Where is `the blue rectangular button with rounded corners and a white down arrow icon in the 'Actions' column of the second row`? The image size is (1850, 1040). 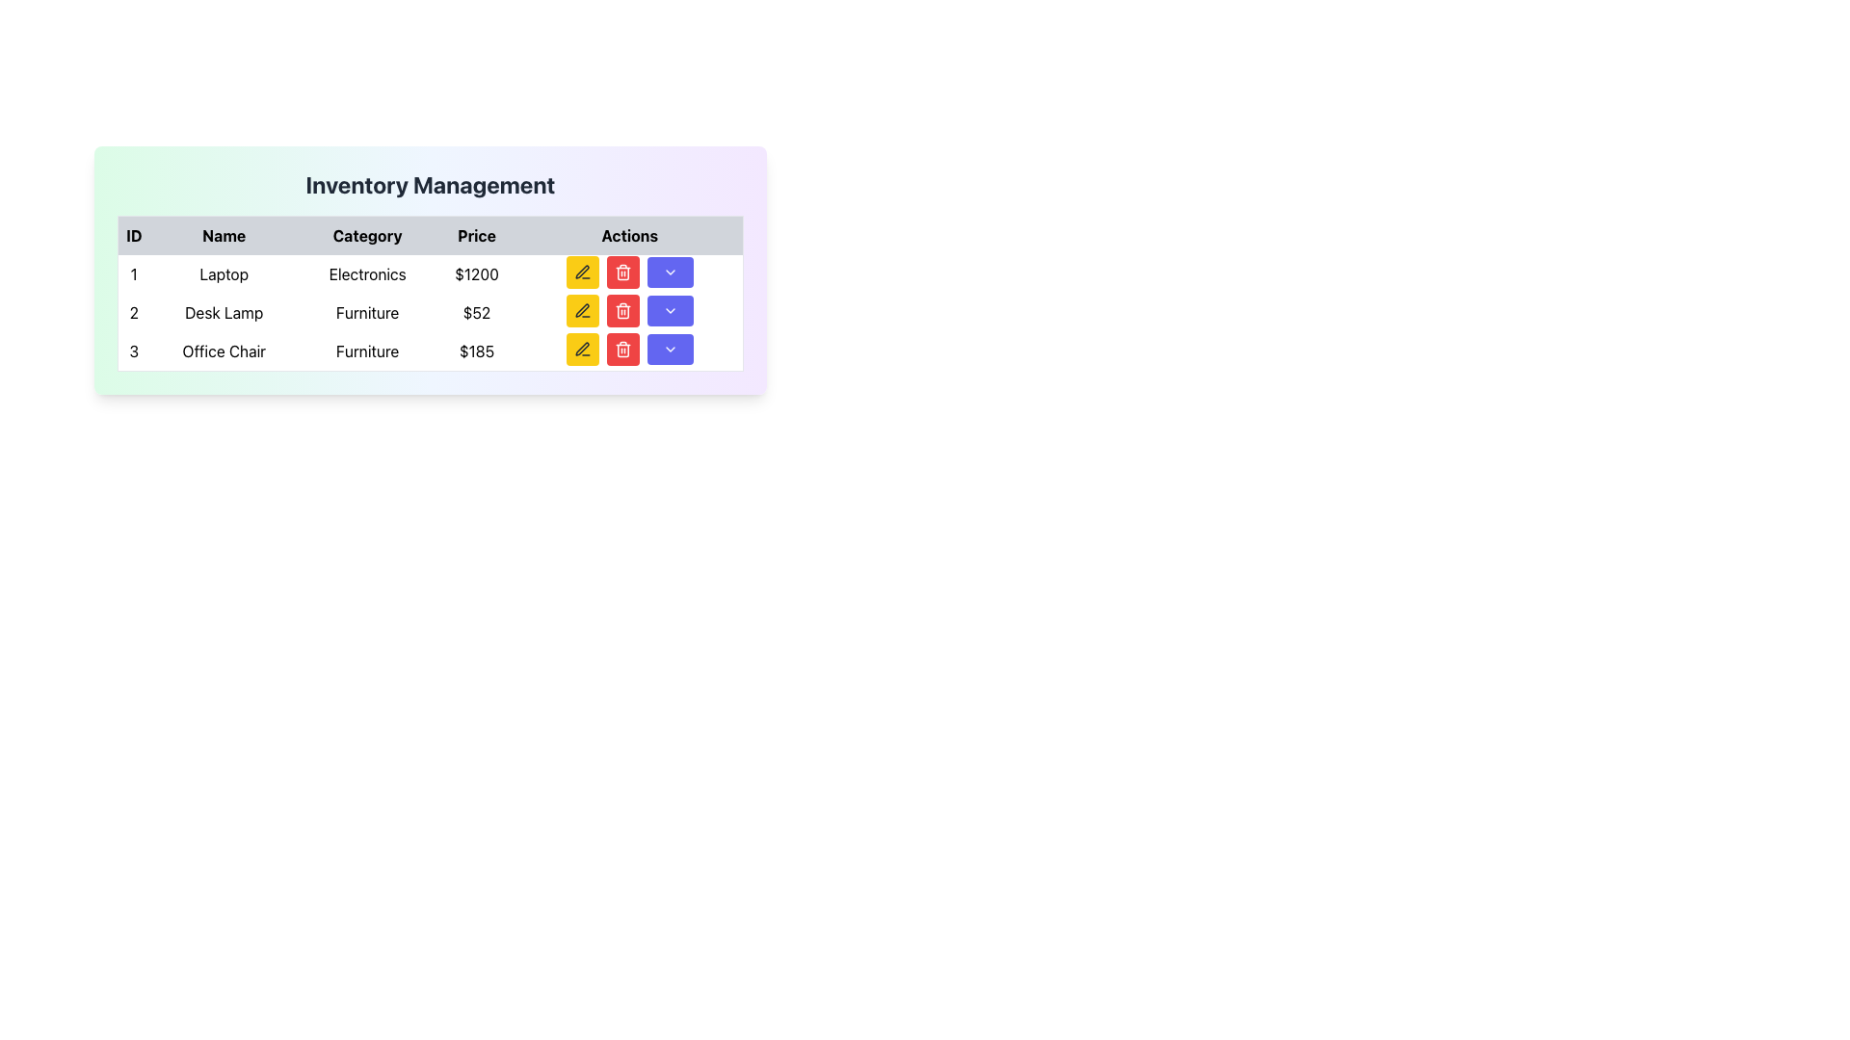
the blue rectangular button with rounded corners and a white down arrow icon in the 'Actions' column of the second row is located at coordinates (670, 272).